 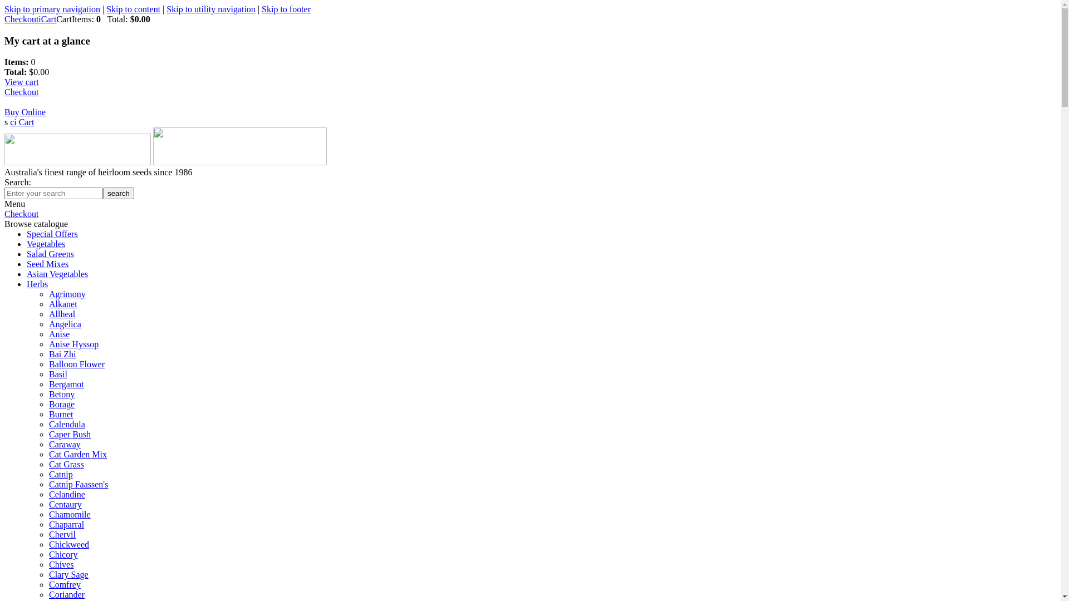 What do you see at coordinates (68, 574) in the screenshot?
I see `'Clary Sage'` at bounding box center [68, 574].